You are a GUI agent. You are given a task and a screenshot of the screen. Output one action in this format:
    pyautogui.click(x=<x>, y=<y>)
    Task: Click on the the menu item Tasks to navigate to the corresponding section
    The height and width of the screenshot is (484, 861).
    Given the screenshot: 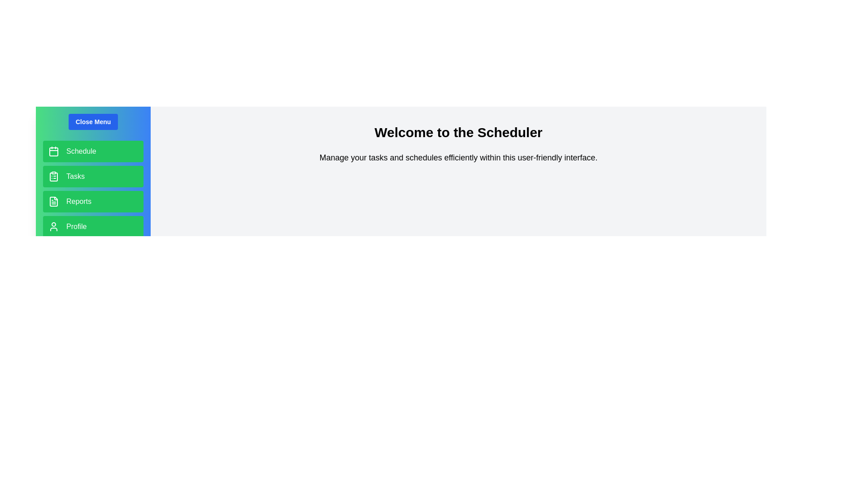 What is the action you would take?
    pyautogui.click(x=93, y=176)
    